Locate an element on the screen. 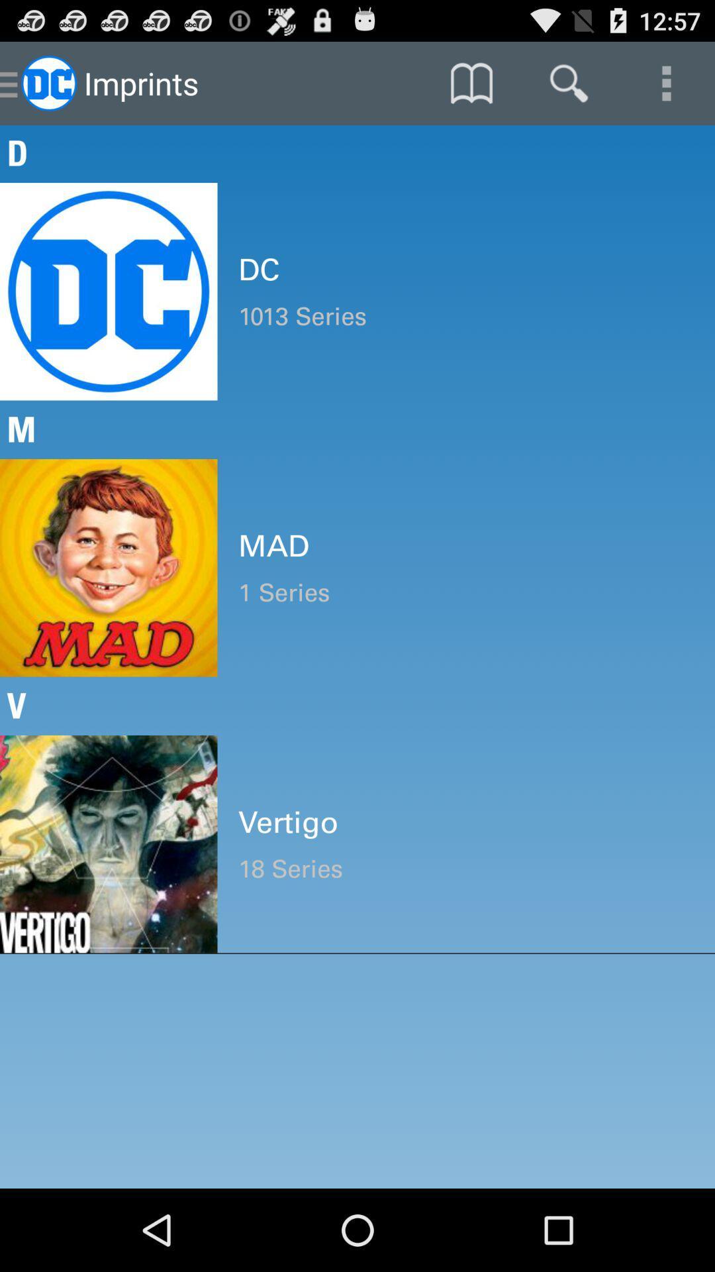  the item above the v item is located at coordinates (465, 592).